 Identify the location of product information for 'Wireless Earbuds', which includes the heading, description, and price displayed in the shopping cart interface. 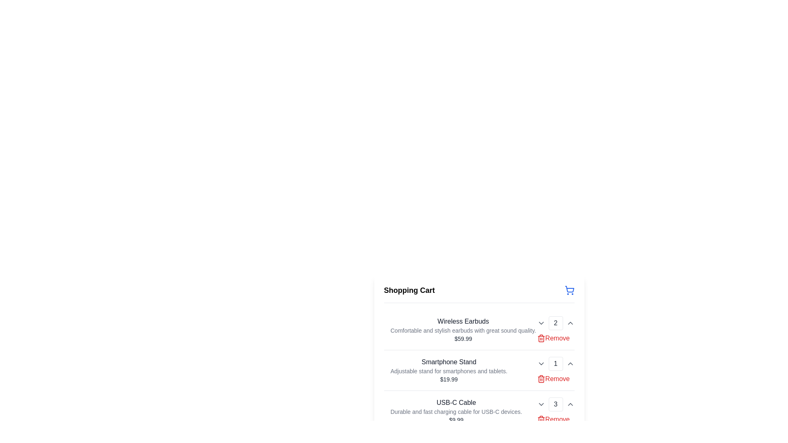
(460, 329).